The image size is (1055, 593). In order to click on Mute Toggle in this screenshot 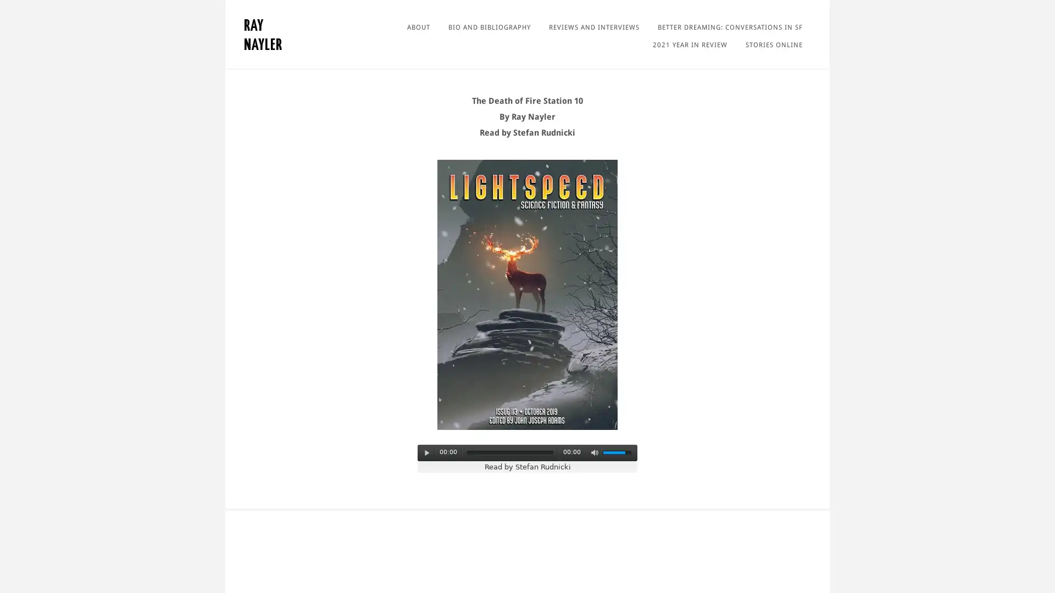, I will do `click(593, 453)`.